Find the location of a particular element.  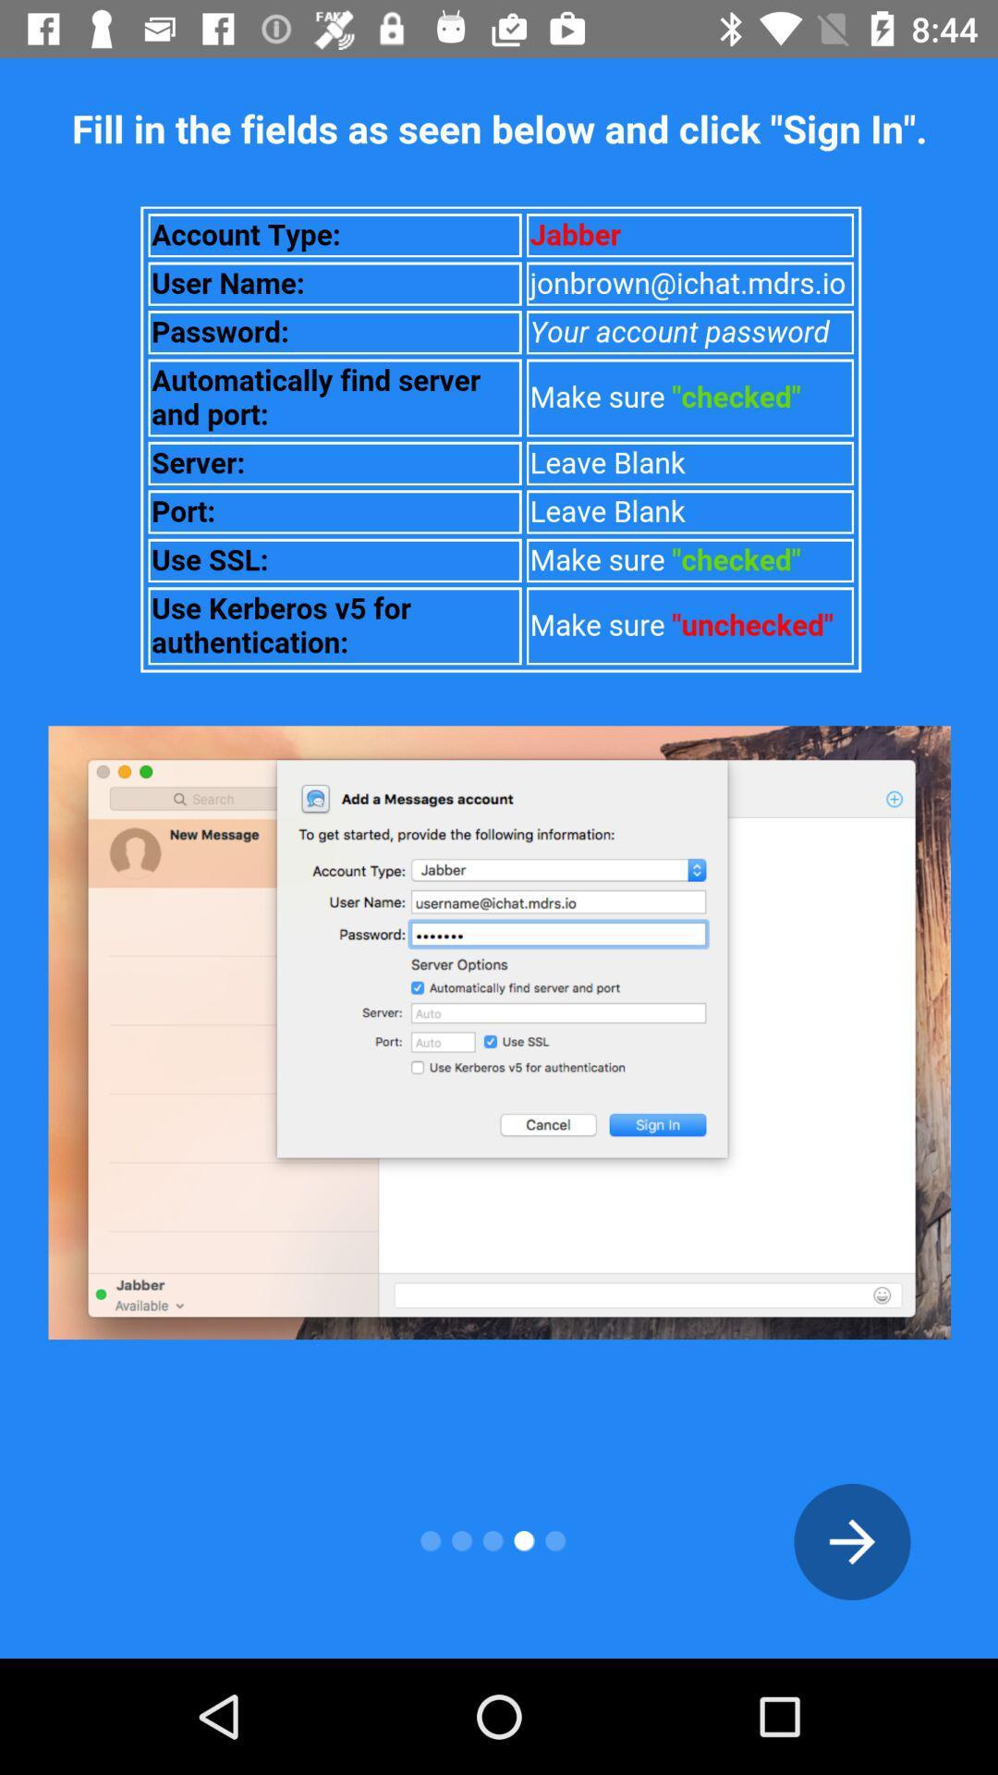

previous is located at coordinates (852, 1541).